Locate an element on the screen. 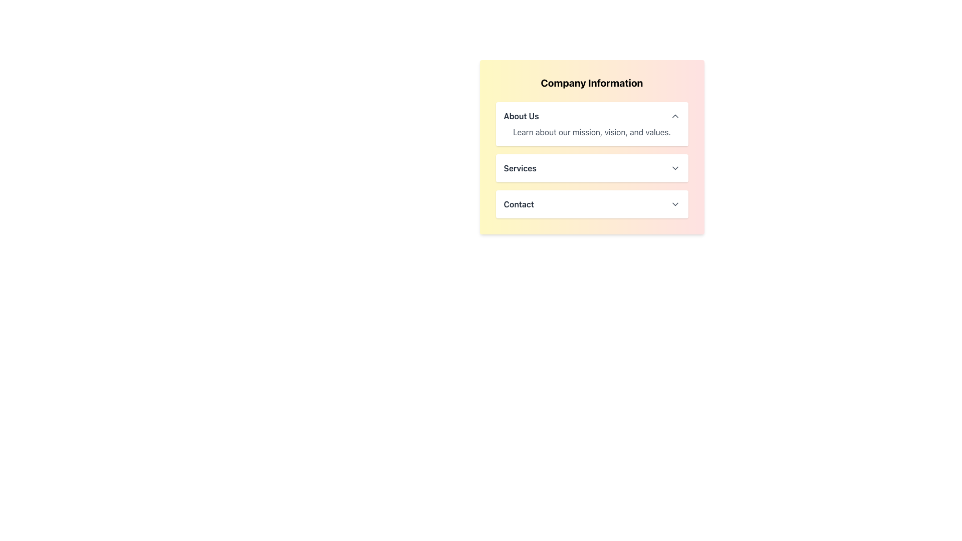 This screenshot has height=541, width=962. the first collapsible list item under the 'Company Information' section is located at coordinates (592, 123).